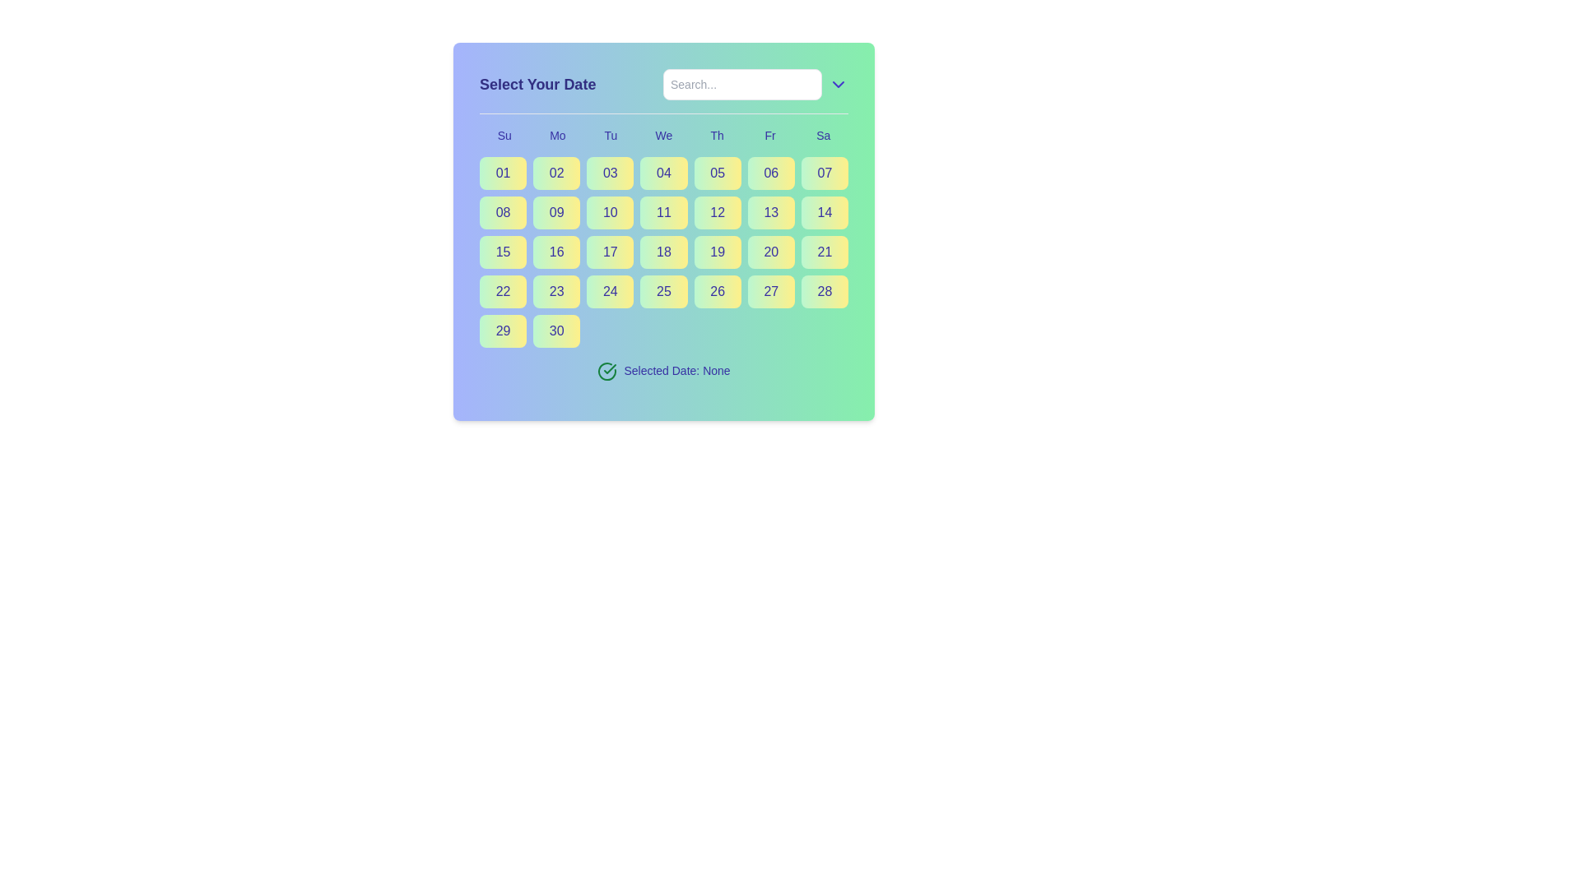 This screenshot has width=1580, height=888. I want to click on the button labeled '30', so click(556, 331).